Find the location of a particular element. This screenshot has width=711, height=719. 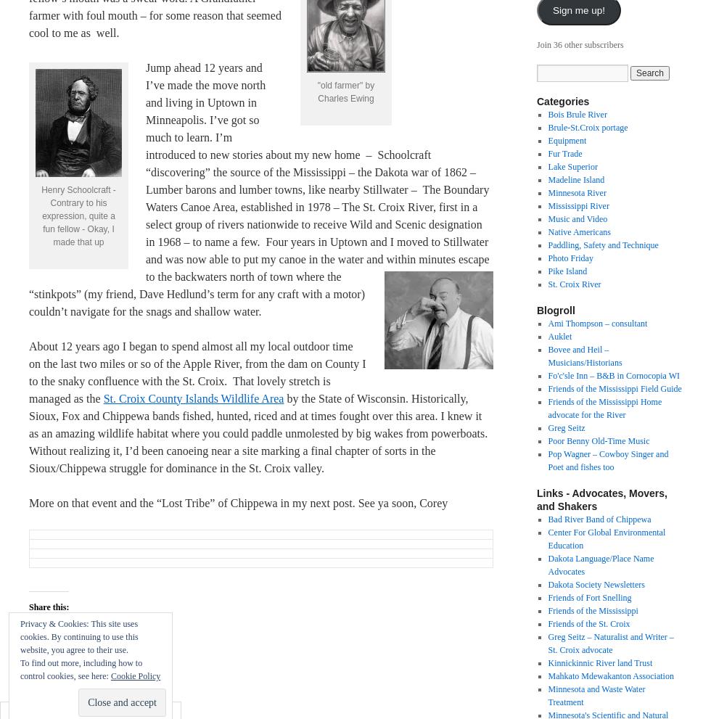

'Pop Wagner – Cowboy Singer and Poet and fishes too' is located at coordinates (547, 460).